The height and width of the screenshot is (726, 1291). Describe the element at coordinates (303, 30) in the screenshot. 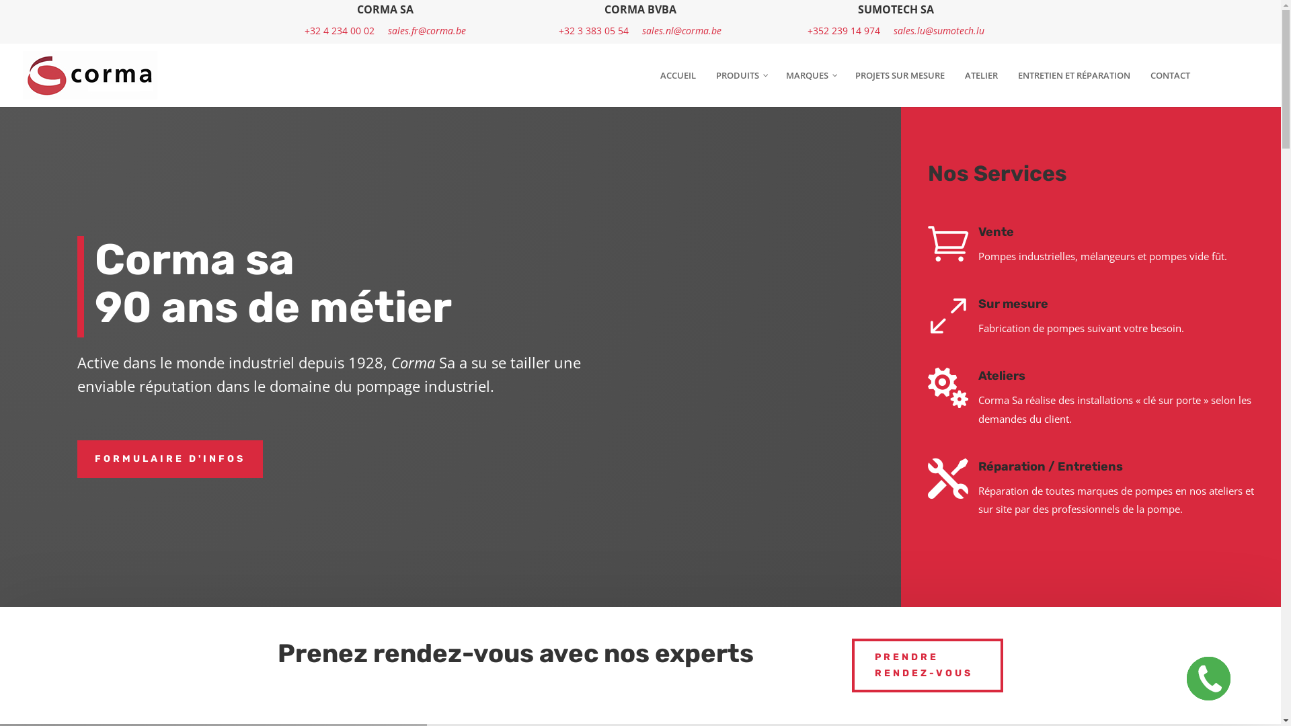

I see `'+32 4 234 00 02'` at that location.